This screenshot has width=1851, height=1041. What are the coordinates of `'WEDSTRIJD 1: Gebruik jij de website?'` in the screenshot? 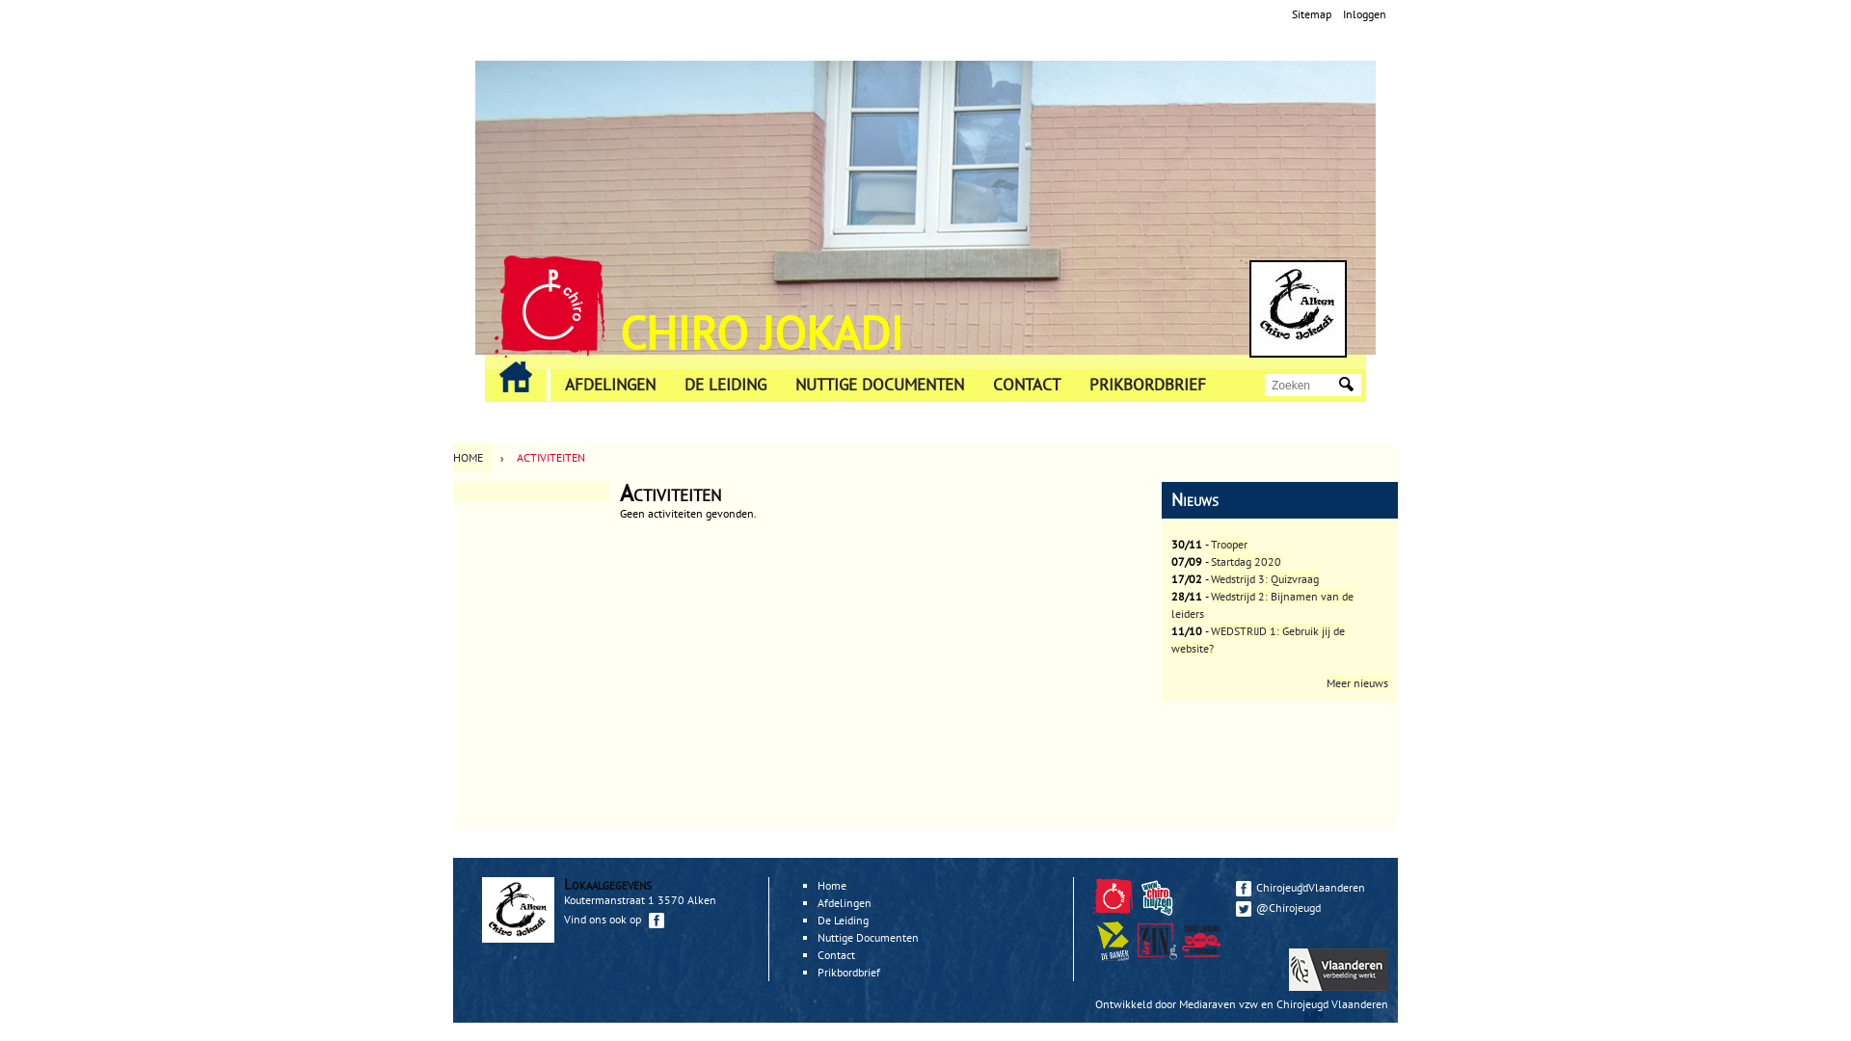 It's located at (1258, 639).